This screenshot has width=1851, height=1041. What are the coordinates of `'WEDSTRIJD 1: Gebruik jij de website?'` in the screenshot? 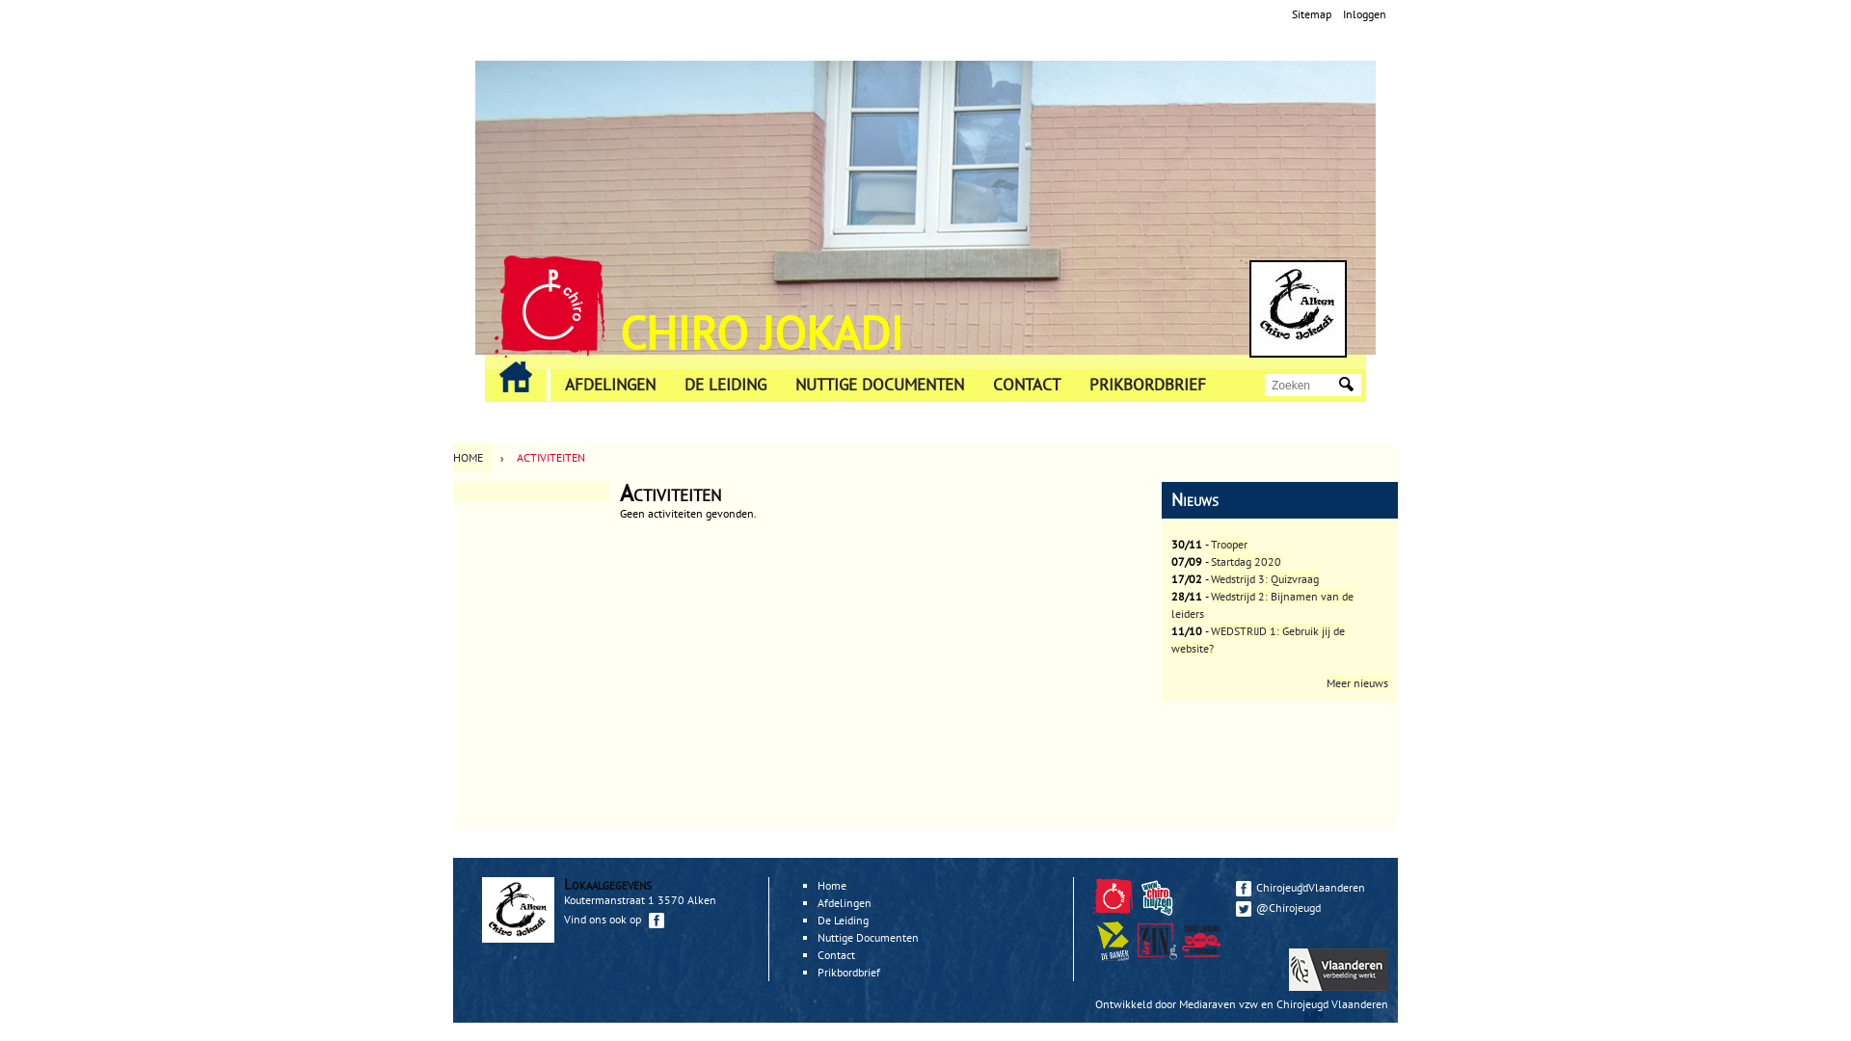 It's located at (1258, 639).